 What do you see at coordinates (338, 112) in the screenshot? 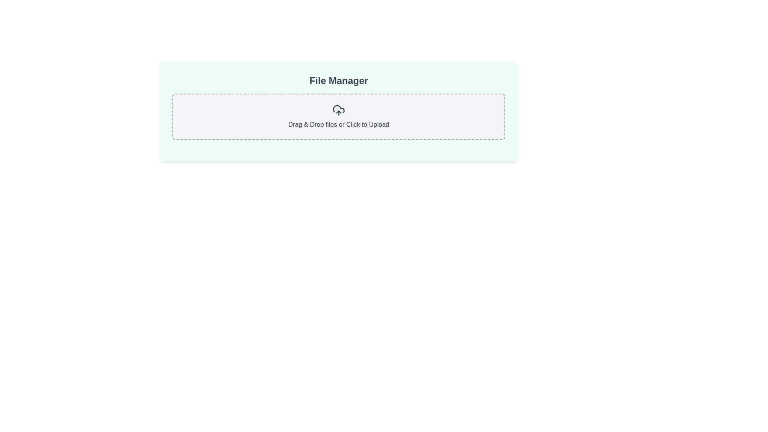
I see `the drag-and-drop file upload interface located at the center of the interface` at bounding box center [338, 112].